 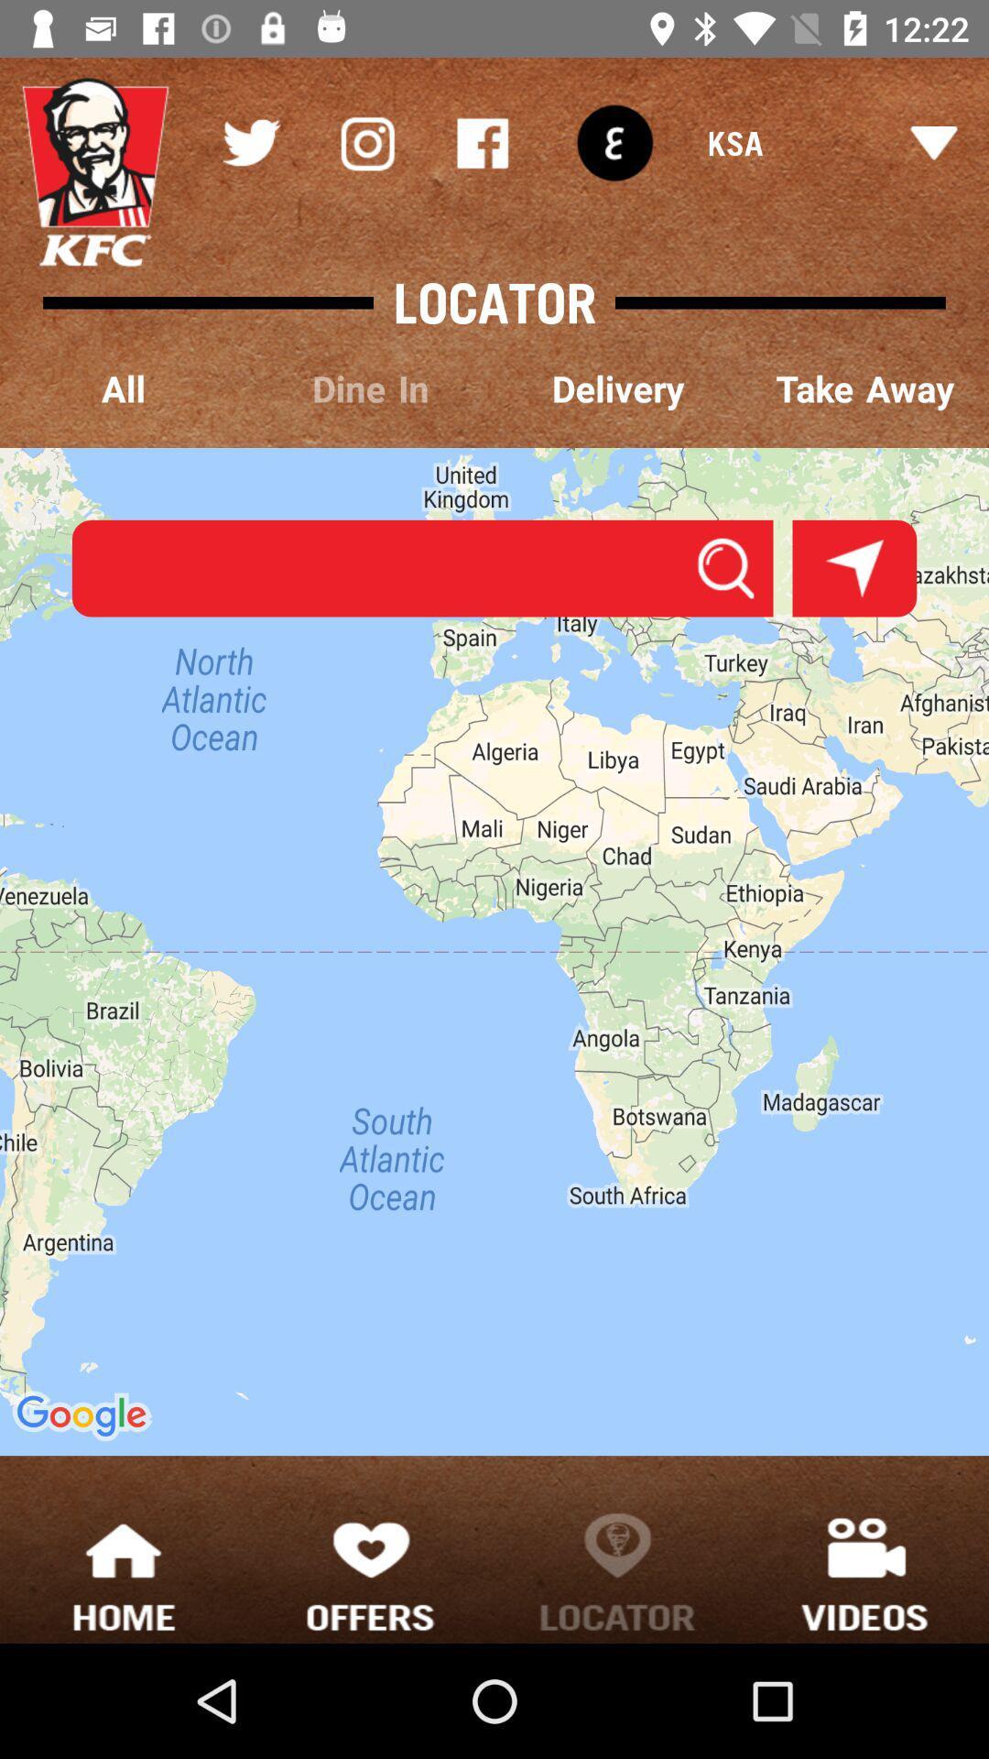 I want to click on the twitter icon, so click(x=250, y=142).